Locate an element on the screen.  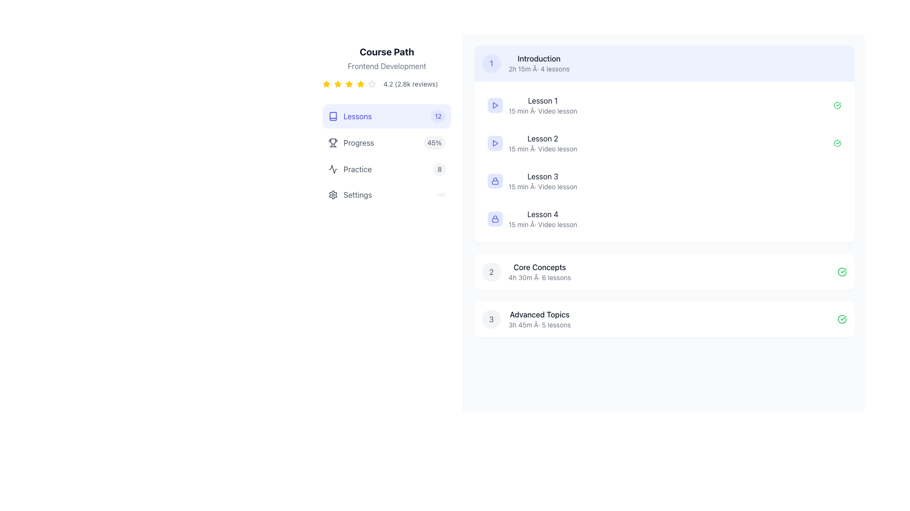
the locked lesson icon indicating that Lesson 4 is currently unavailable due to prerequisites or permissions is located at coordinates (495, 219).